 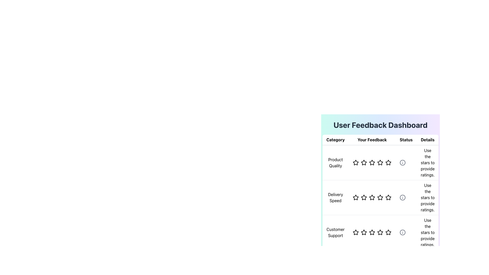 I want to click on the first star icon in the 'Delivery Speed' category of the feedback table to rate, so click(x=356, y=197).